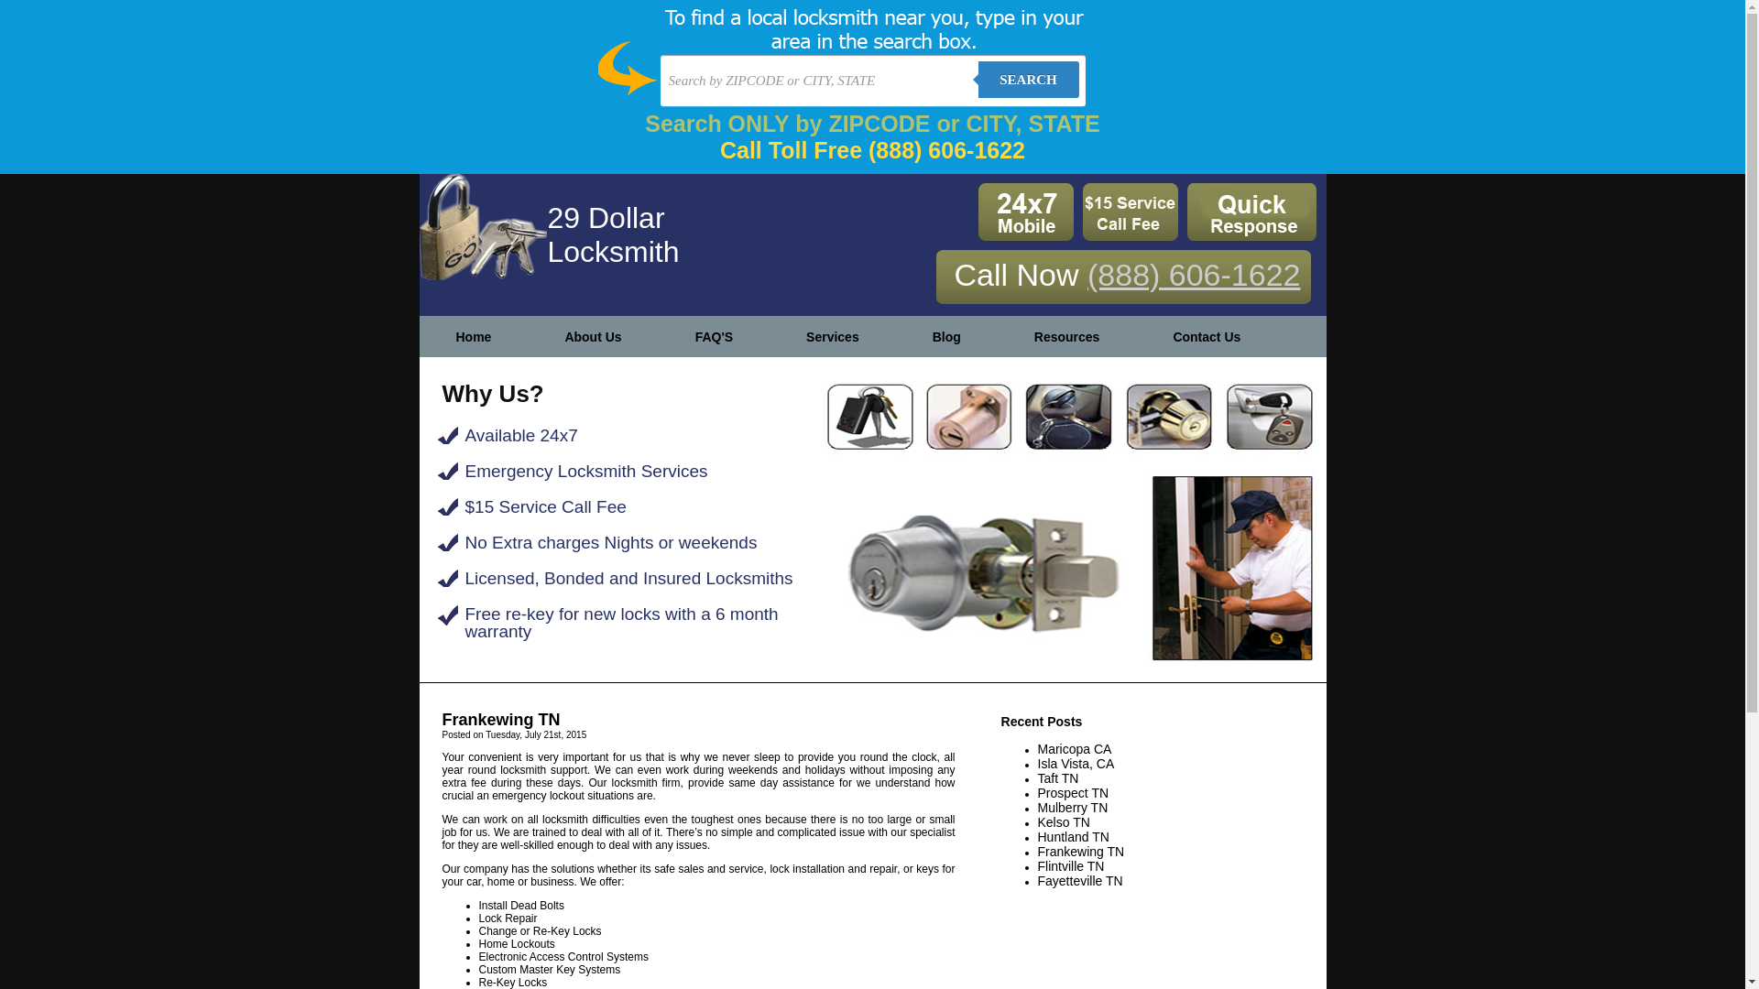  I want to click on 'Fayetteville TN', so click(1079, 879).